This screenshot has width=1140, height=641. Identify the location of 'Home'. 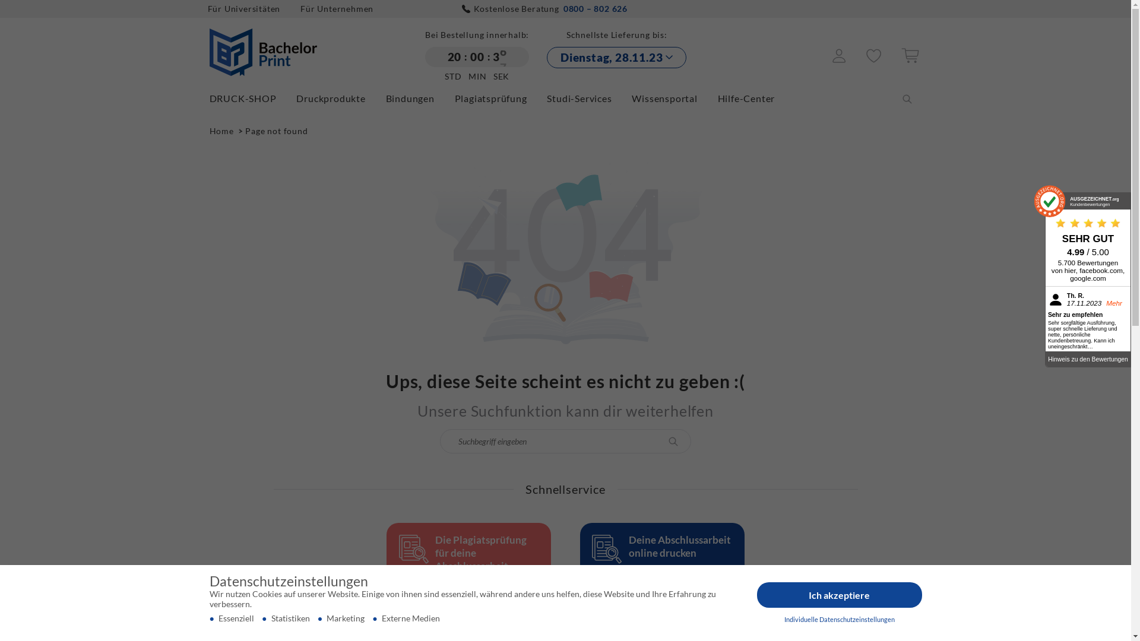
(222, 131).